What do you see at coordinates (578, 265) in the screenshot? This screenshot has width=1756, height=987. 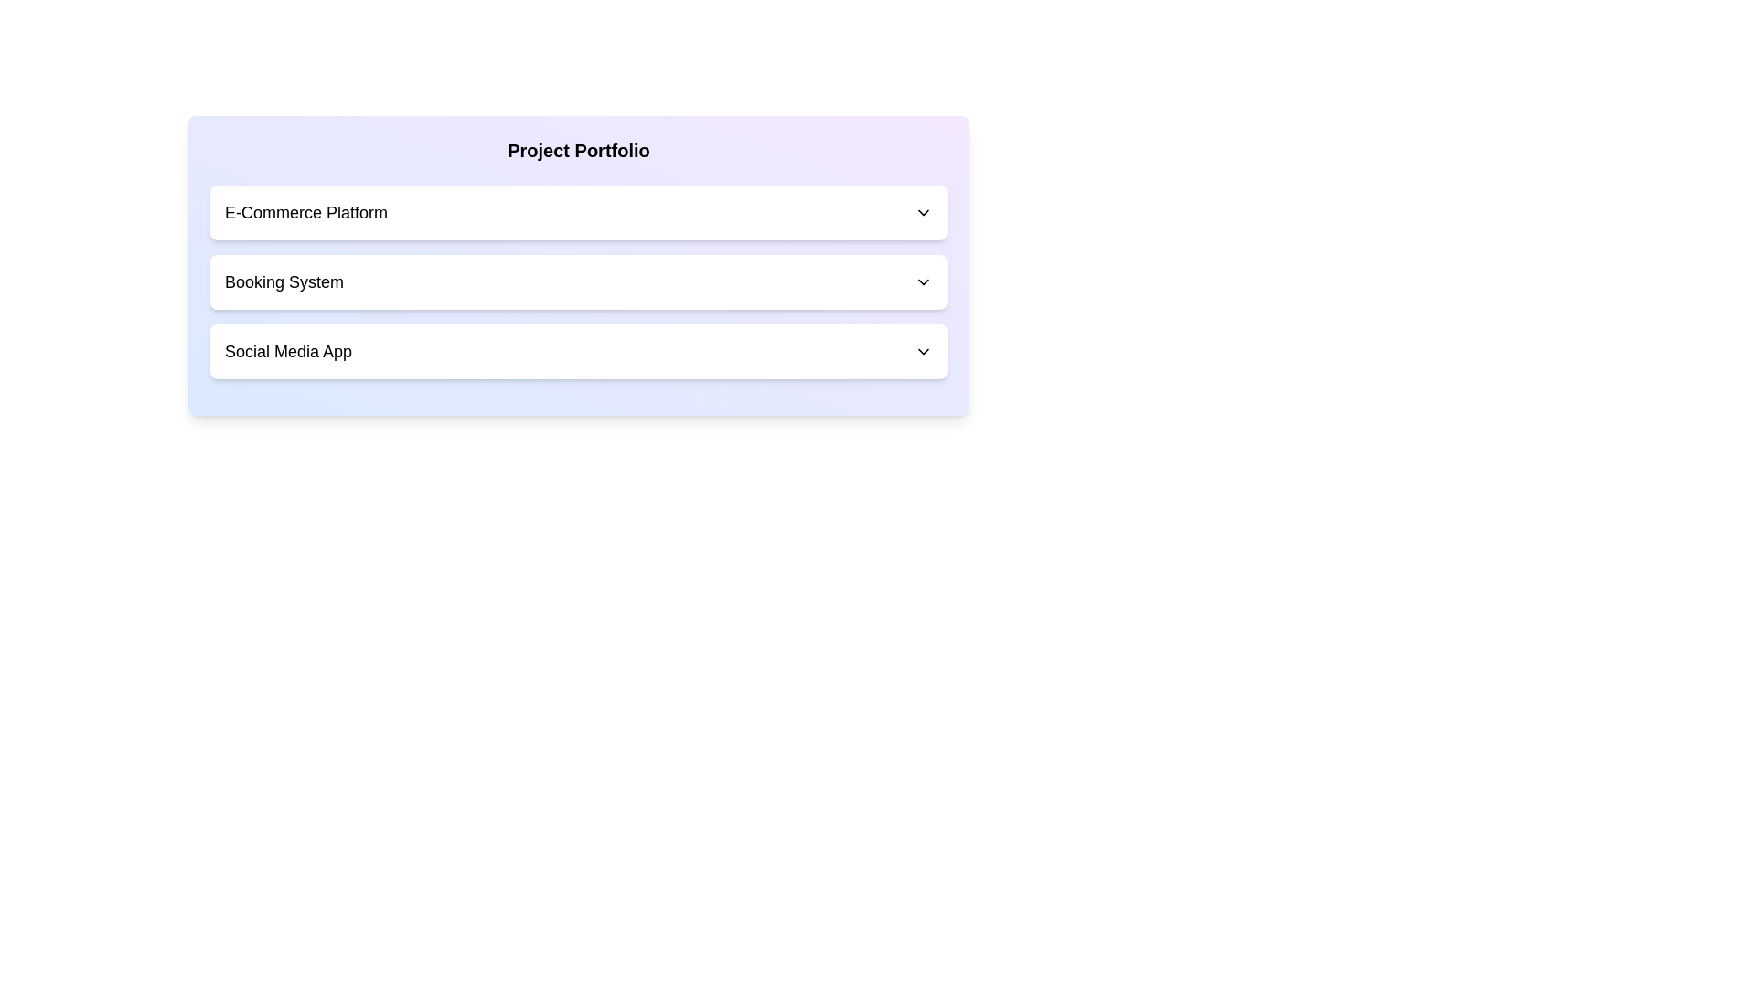 I see `an option within the dropdown of the 'Project Portfolio' menu, which contains three dropdowns labeled 'E-Commerce Platform', 'Booking System', and 'Social Media App'` at bounding box center [578, 265].